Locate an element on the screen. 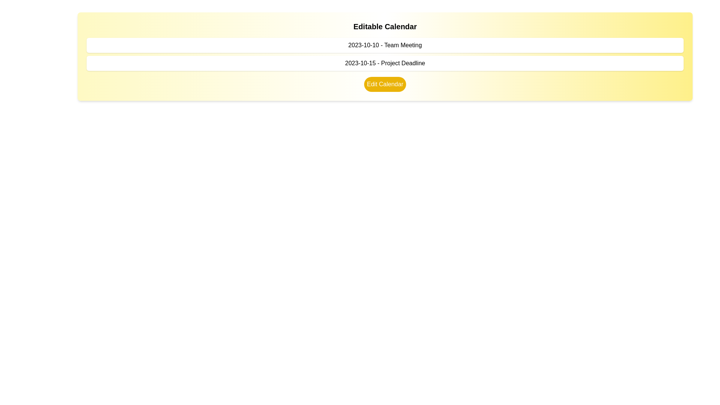 This screenshot has width=720, height=405. the Text label that displays a project deadline for the specified date, located below '2023-10-10 - Team Meeting' and above the 'Edit Calendar' button is located at coordinates (385, 63).